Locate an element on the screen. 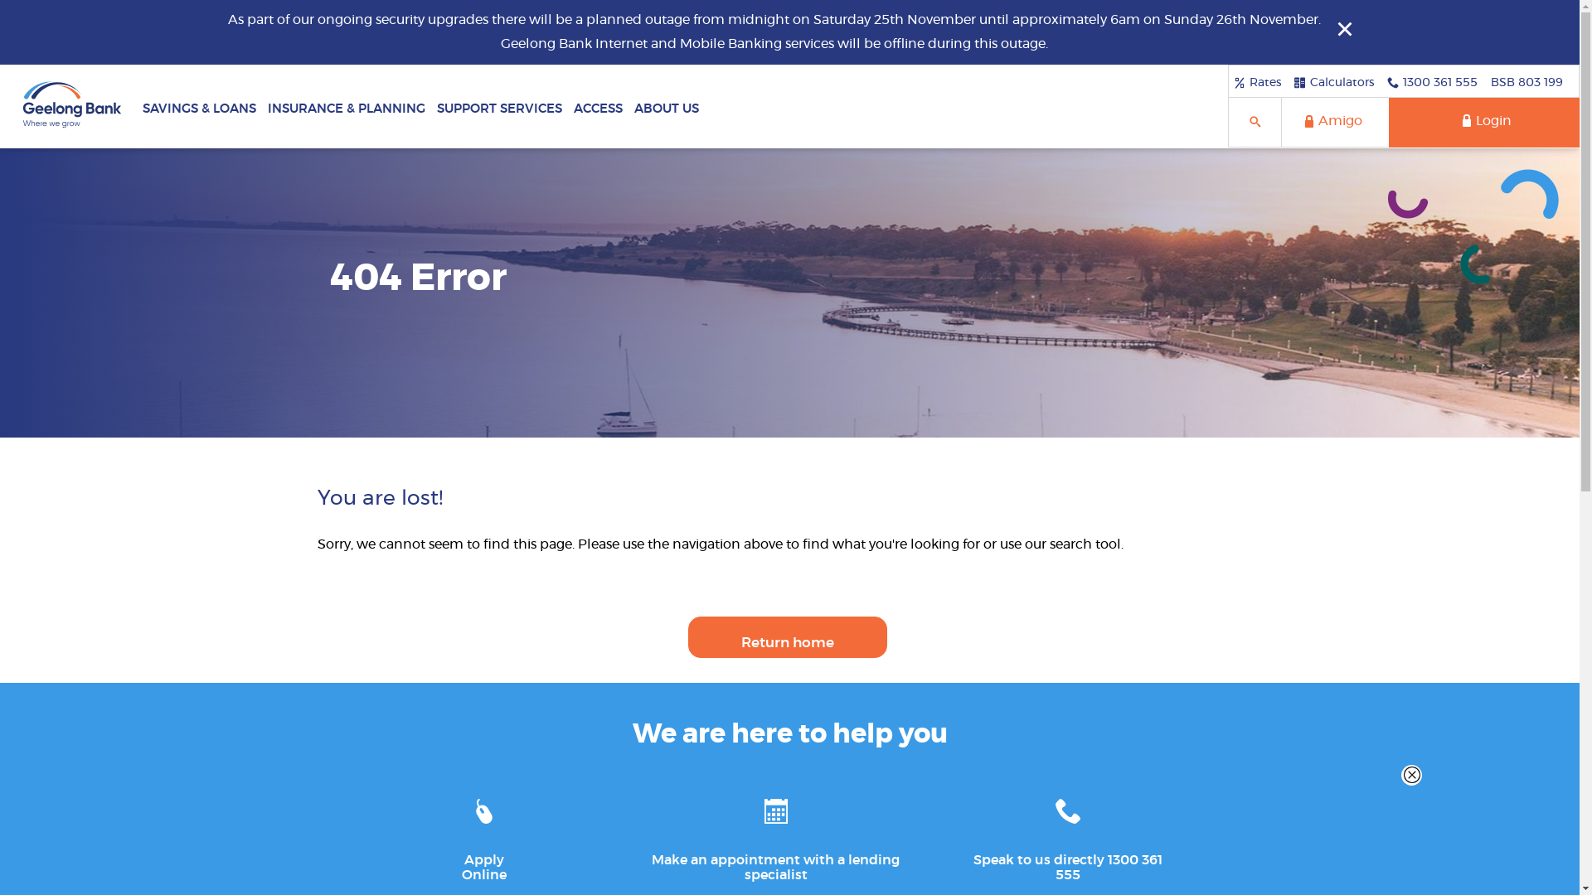 The height and width of the screenshot is (895, 1592). 'INSURANCE & PLANNING' is located at coordinates (261, 105).